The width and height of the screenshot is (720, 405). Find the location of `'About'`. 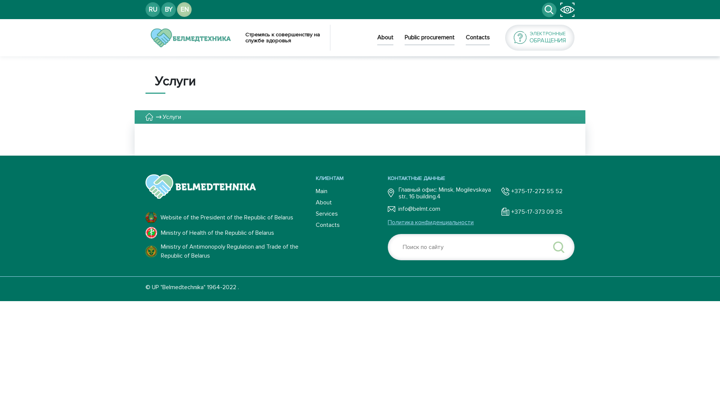

'About' is located at coordinates (377, 39).